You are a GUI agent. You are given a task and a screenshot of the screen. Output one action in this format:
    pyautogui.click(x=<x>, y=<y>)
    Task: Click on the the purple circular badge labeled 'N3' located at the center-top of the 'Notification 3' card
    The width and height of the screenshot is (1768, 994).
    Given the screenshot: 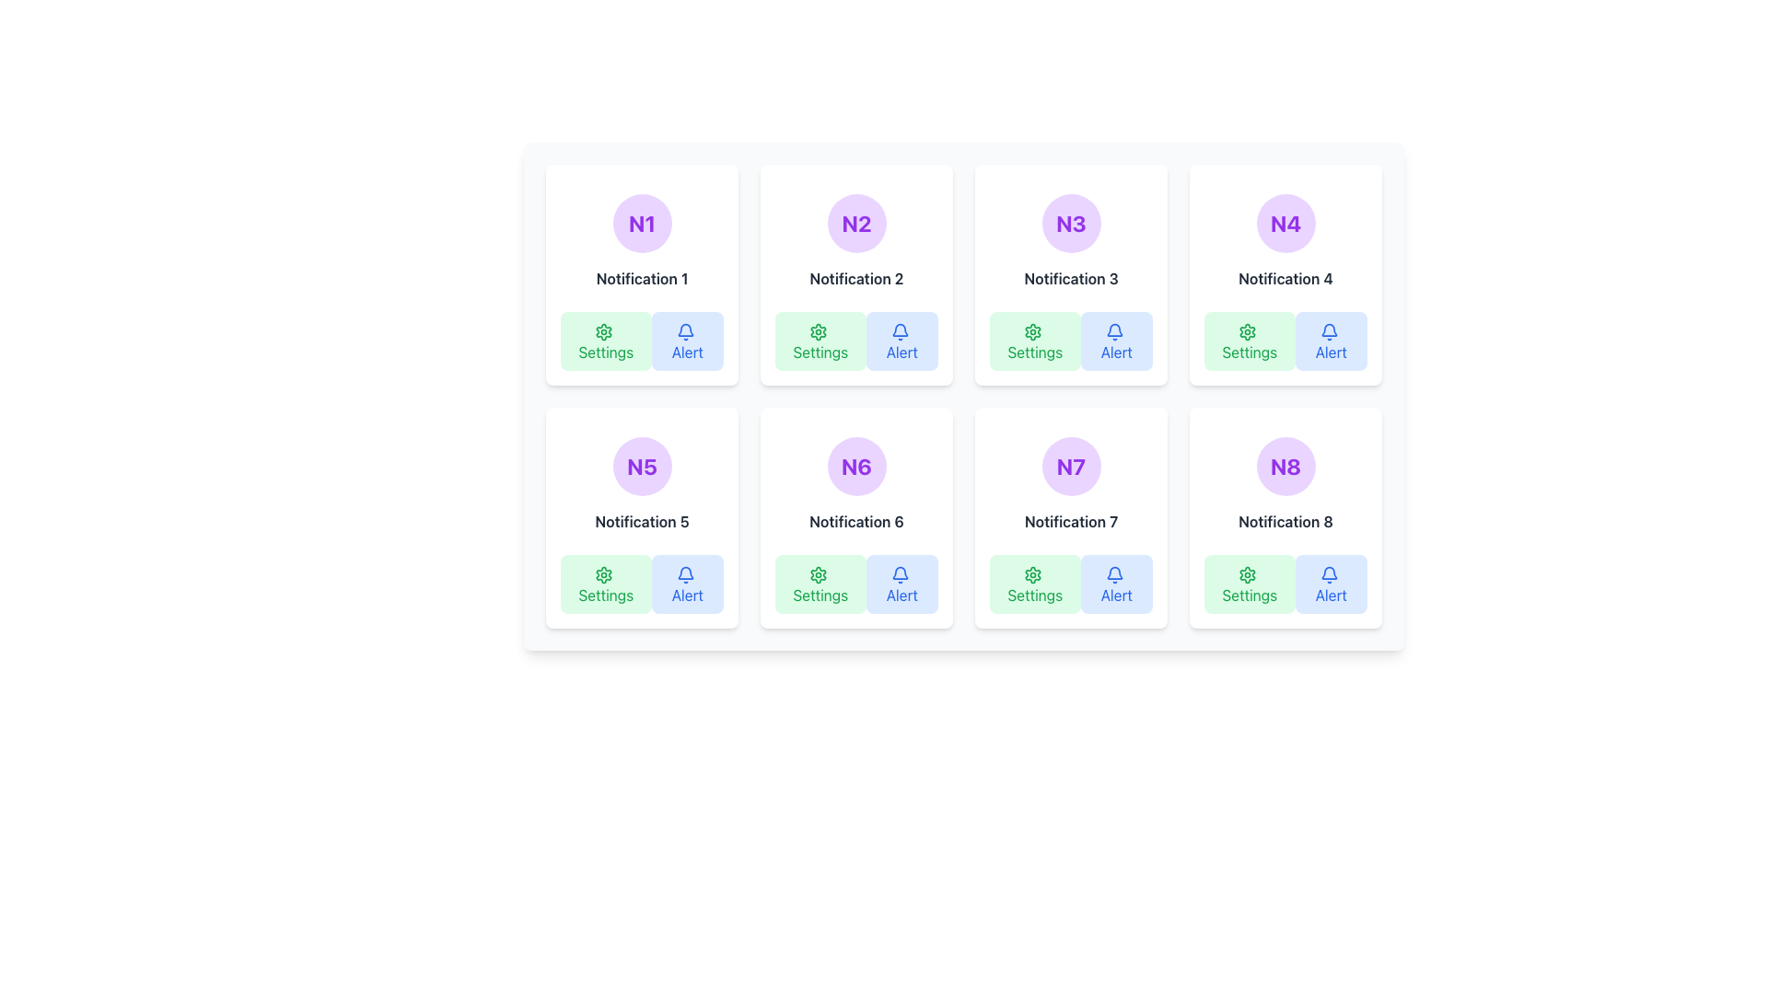 What is the action you would take?
    pyautogui.click(x=1071, y=223)
    